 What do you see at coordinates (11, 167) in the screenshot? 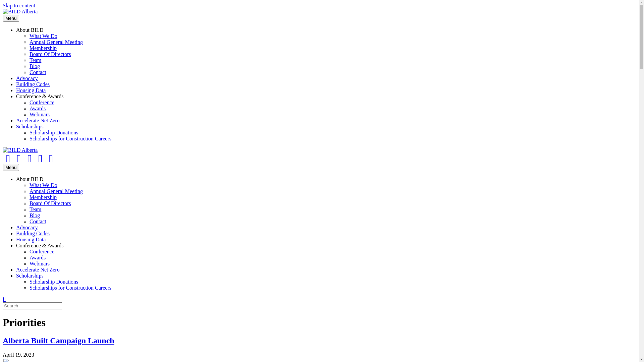
I see `'Menu'` at bounding box center [11, 167].